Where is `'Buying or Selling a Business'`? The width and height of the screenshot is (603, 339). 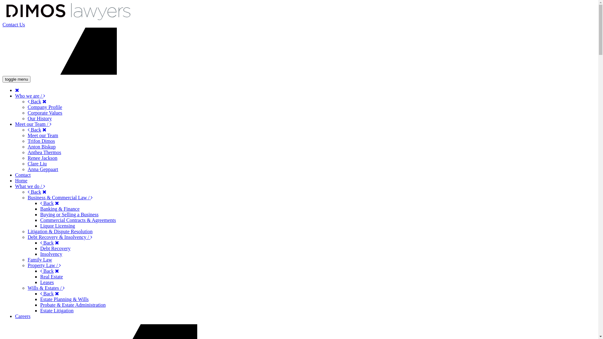 'Buying or Selling a Business' is located at coordinates (40, 214).